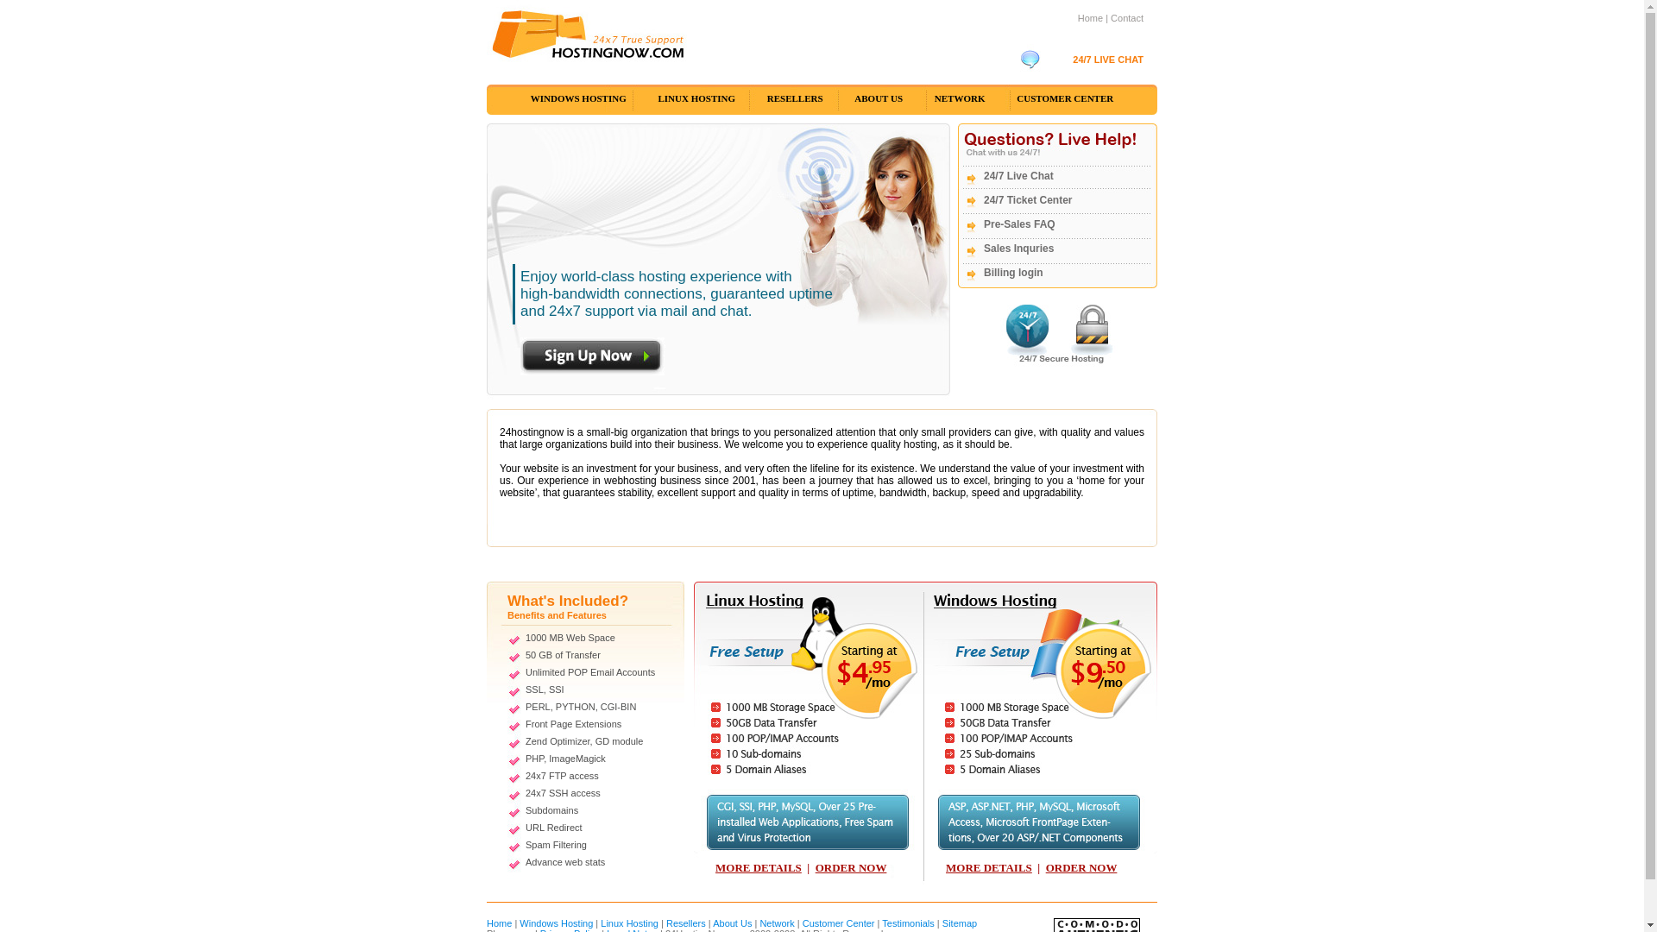  Describe the element at coordinates (753, 98) in the screenshot. I see `'RESELLERS'` at that location.